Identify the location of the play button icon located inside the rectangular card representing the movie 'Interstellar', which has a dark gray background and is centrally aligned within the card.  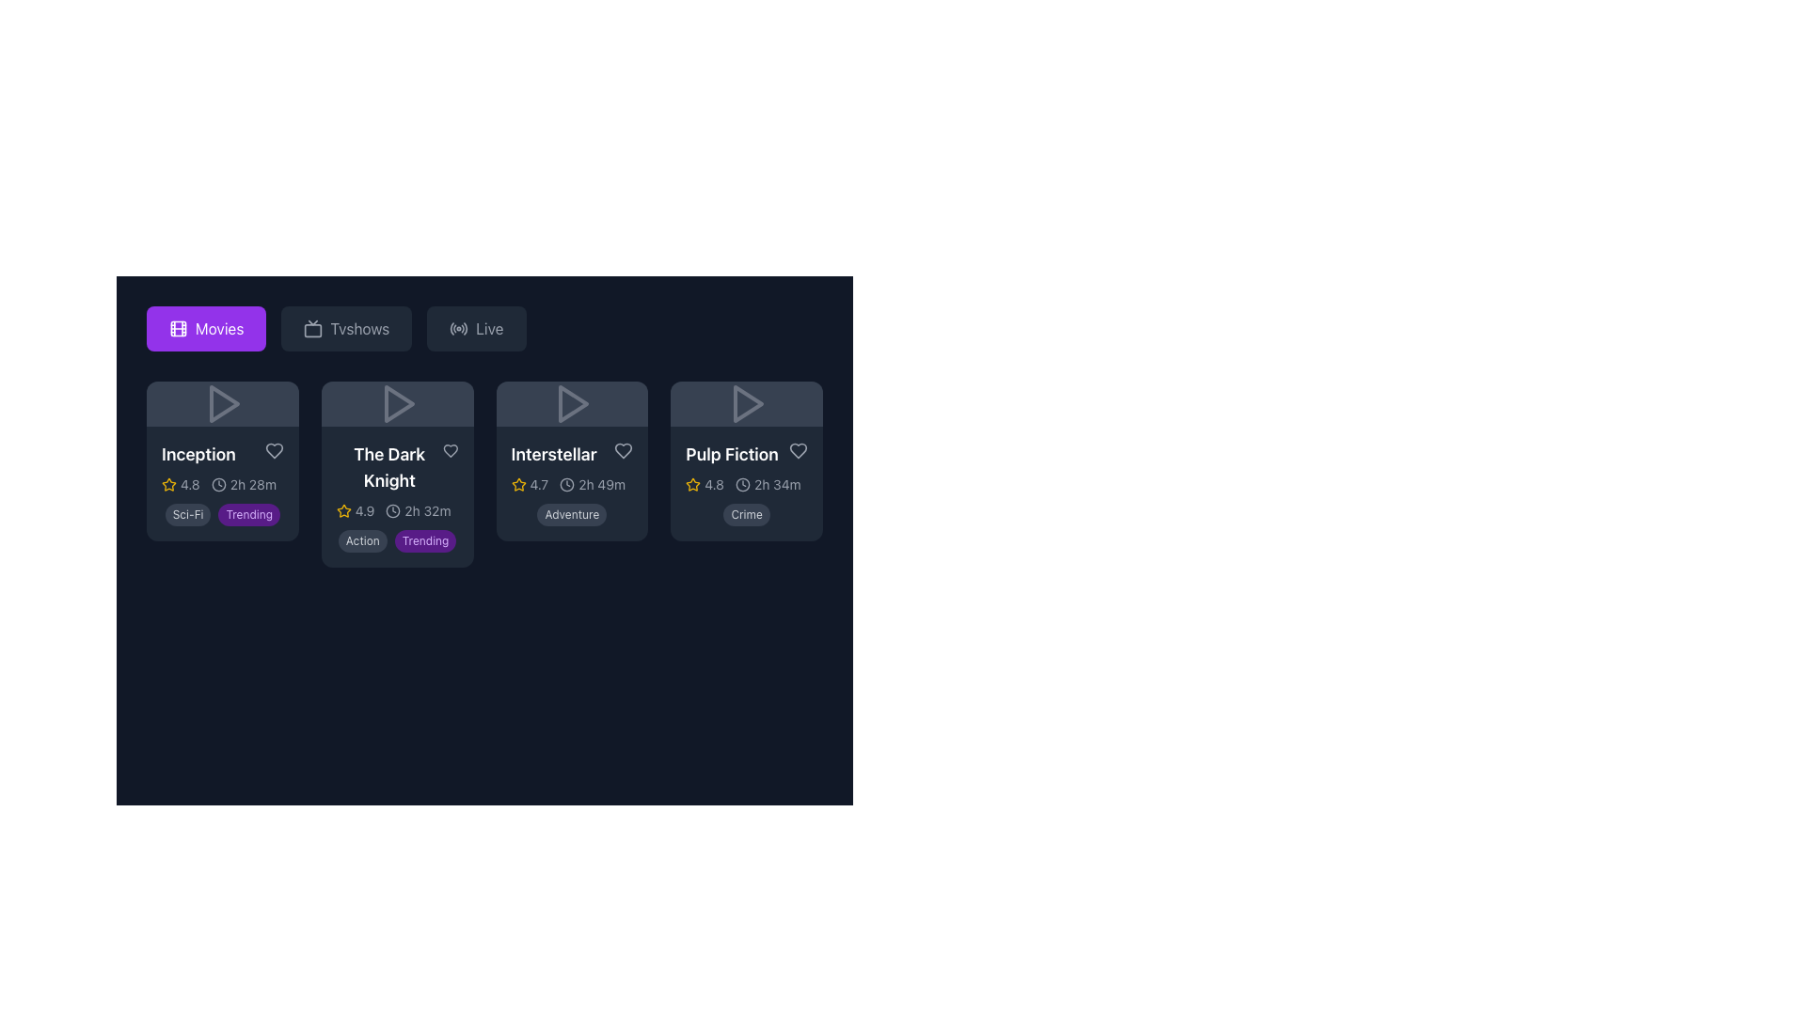
(571, 402).